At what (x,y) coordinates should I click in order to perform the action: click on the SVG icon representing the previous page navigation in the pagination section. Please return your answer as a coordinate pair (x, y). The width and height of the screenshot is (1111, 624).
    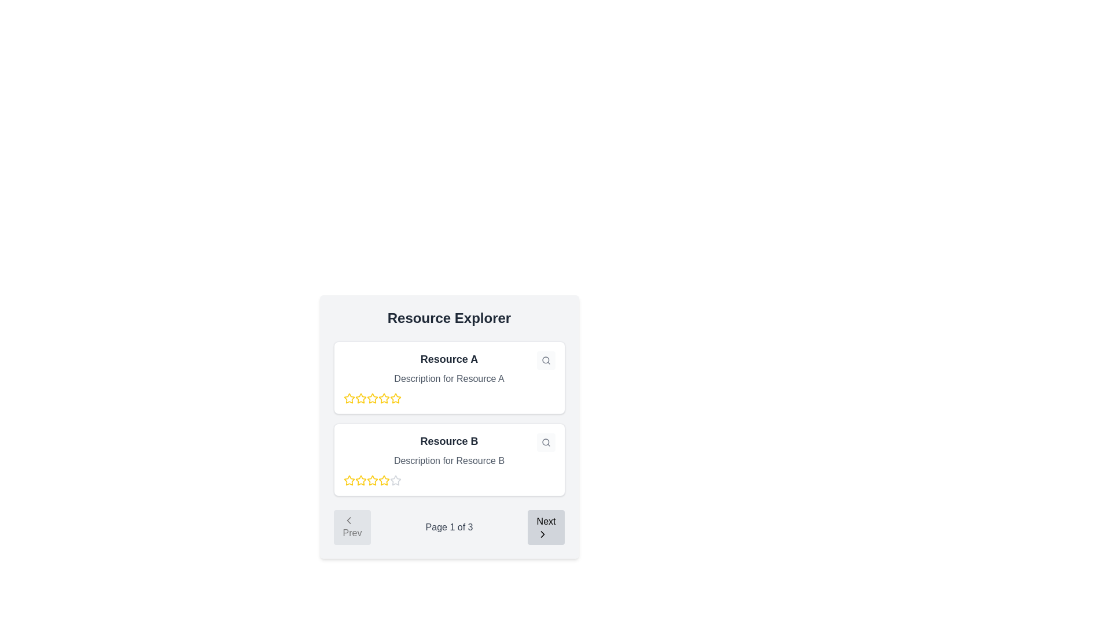
    Looking at the image, I should click on (348, 521).